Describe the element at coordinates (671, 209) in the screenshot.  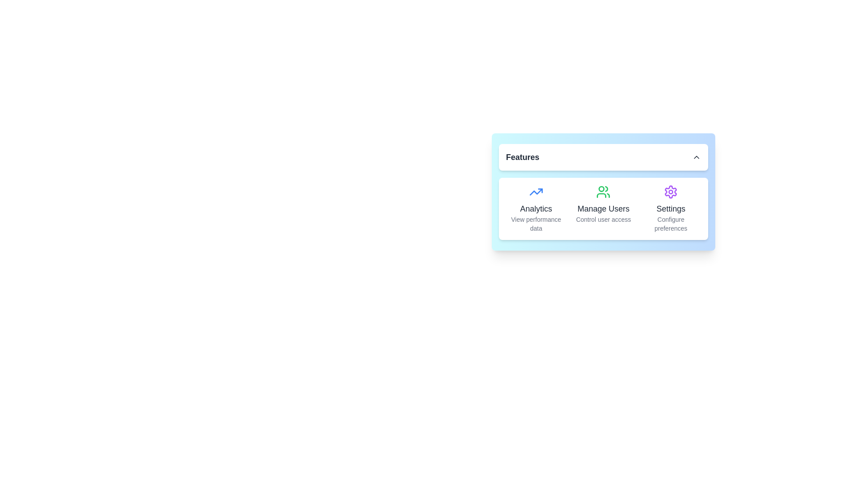
I see `the gear-shaped button labeled 'Settings' and 'Configure preferences'` at that location.